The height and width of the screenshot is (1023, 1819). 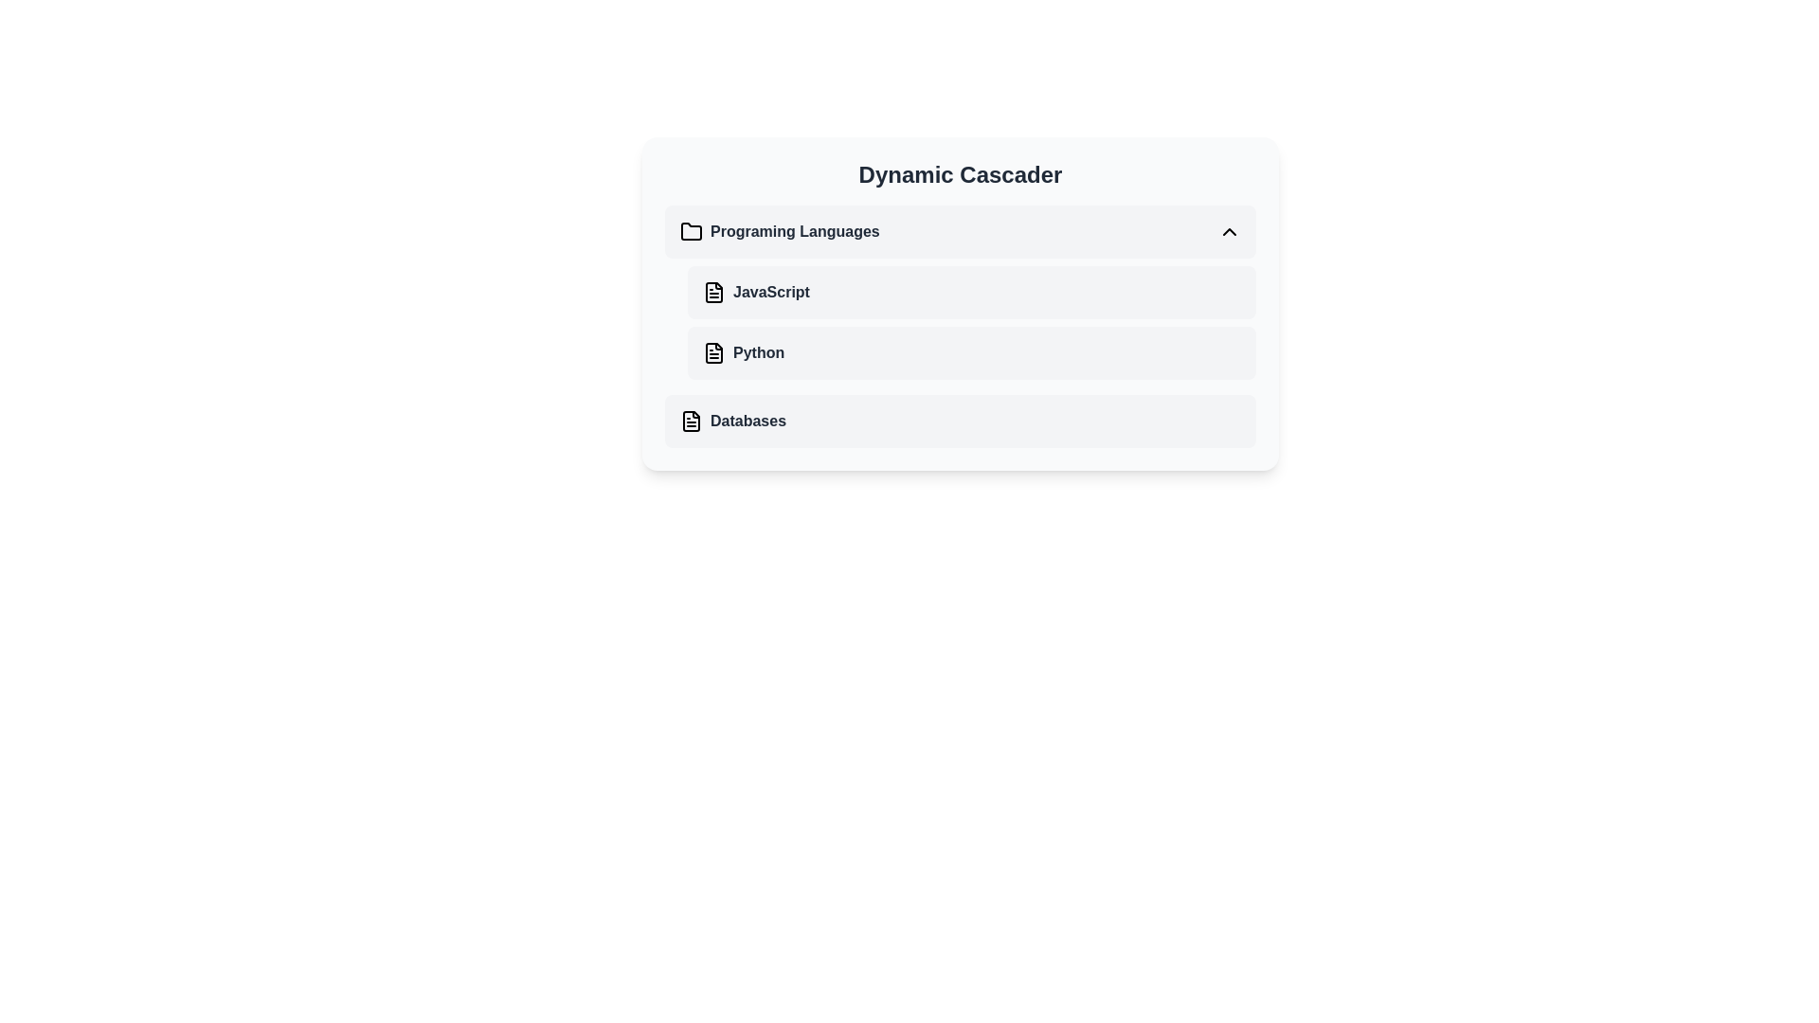 I want to click on the bold text label displaying 'Python' in dark gray within the 'Dynamic Cascader' interface under the 'Programming Languages' category, so click(x=759, y=353).